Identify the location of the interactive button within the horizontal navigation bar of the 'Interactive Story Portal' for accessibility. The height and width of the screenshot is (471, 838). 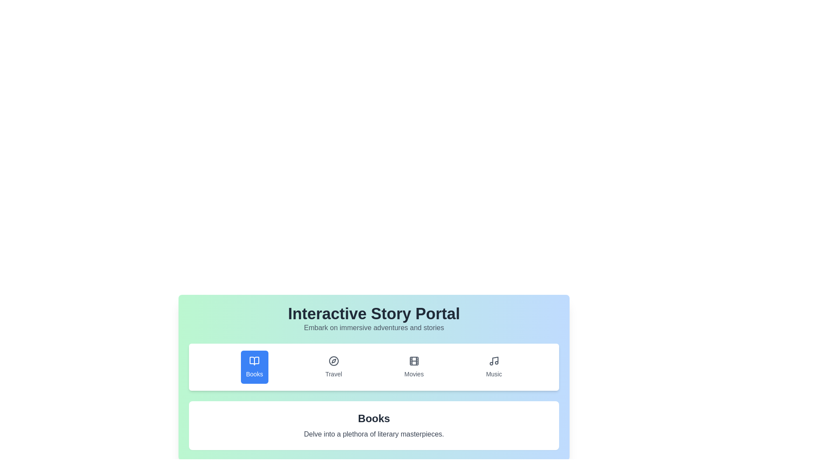
(374, 367).